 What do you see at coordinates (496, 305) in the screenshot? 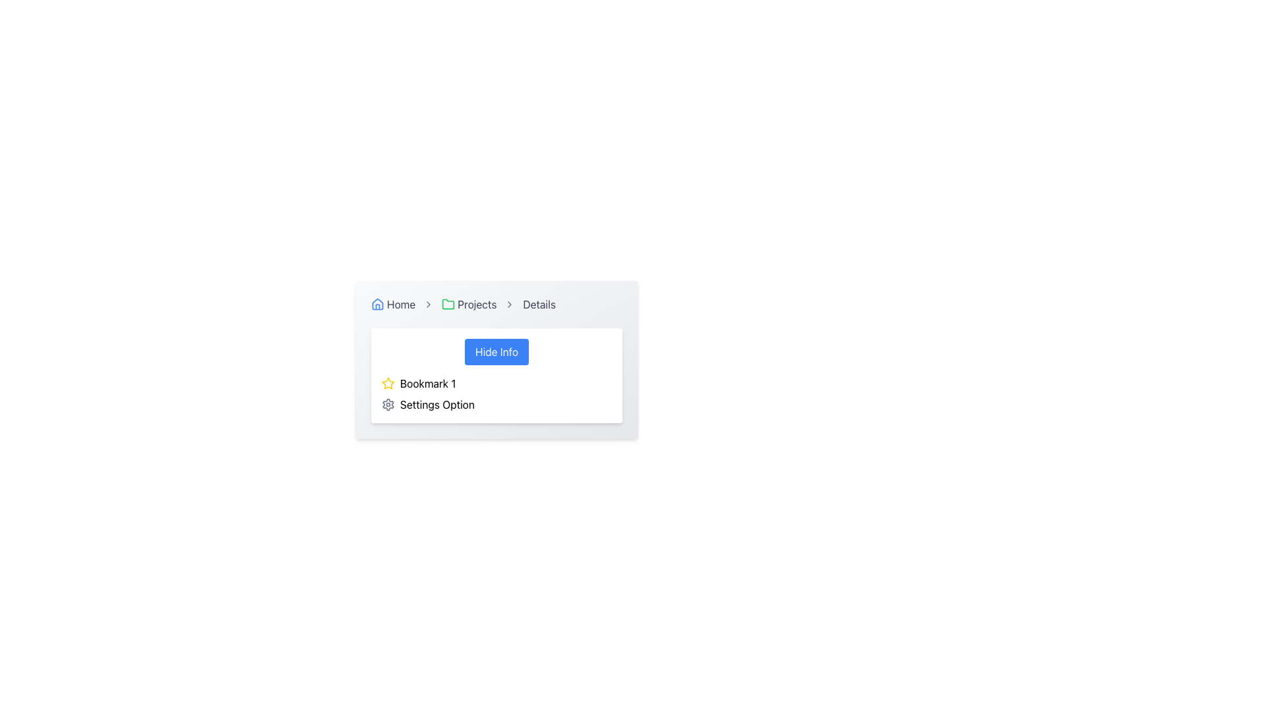
I see `the Breadcrumb Navigation component` at bounding box center [496, 305].